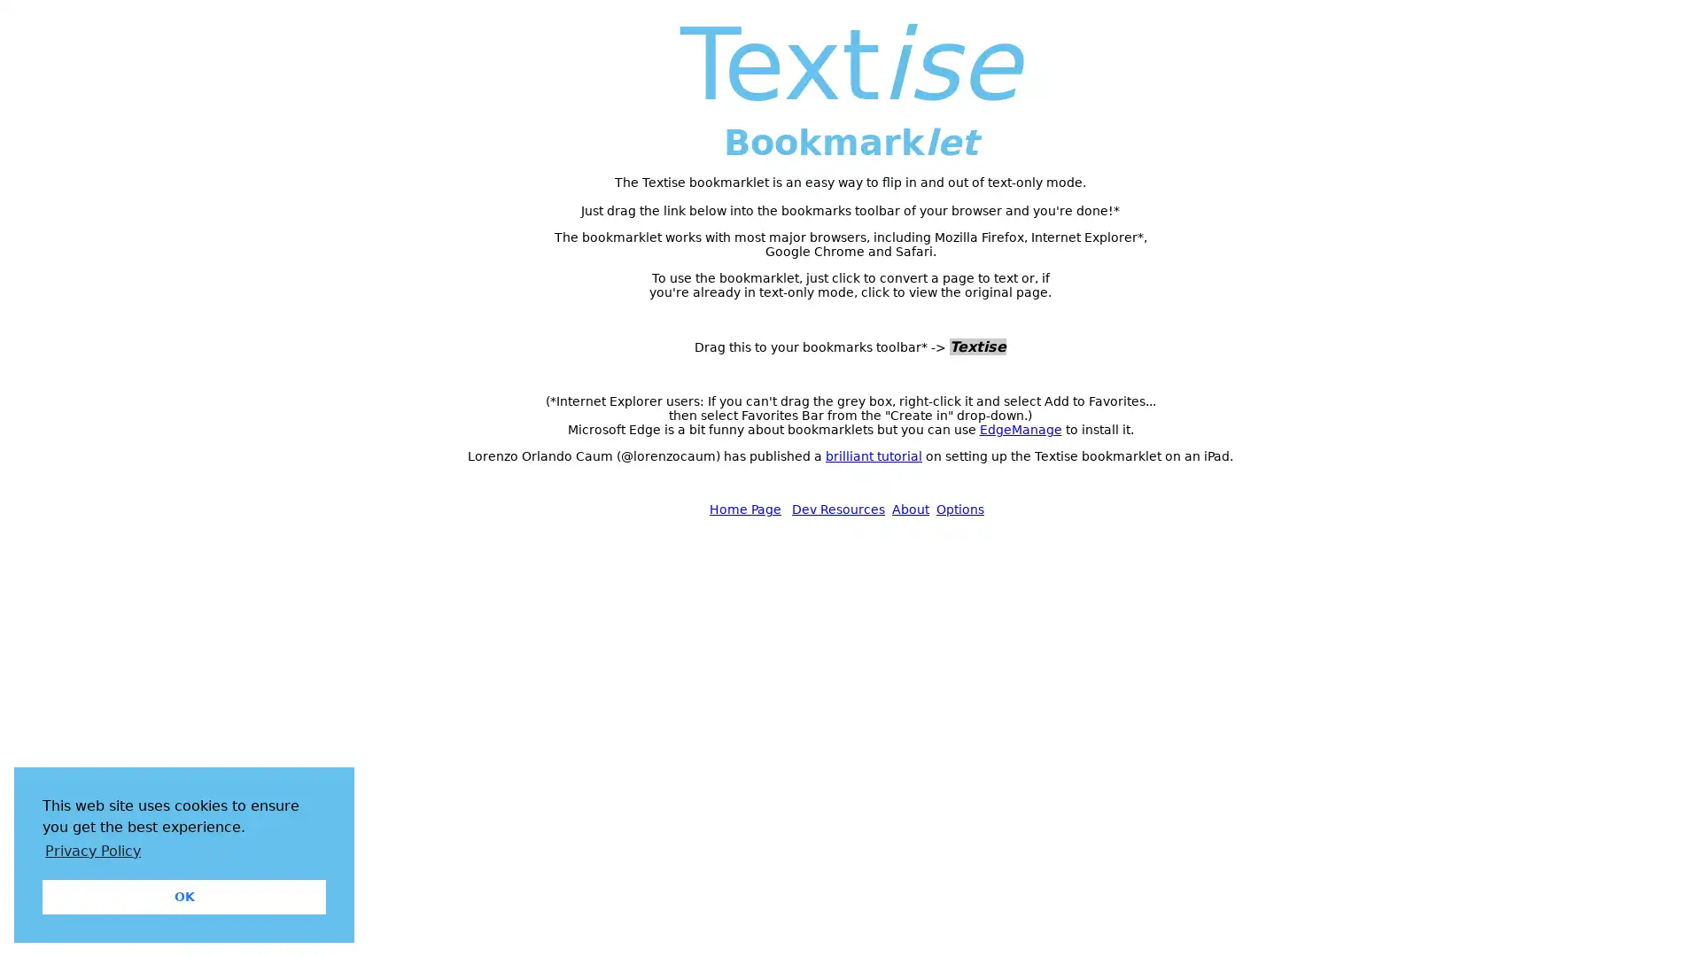 The width and height of the screenshot is (1701, 957). Describe the element at coordinates (92, 850) in the screenshot. I see `learn more about cookies` at that location.